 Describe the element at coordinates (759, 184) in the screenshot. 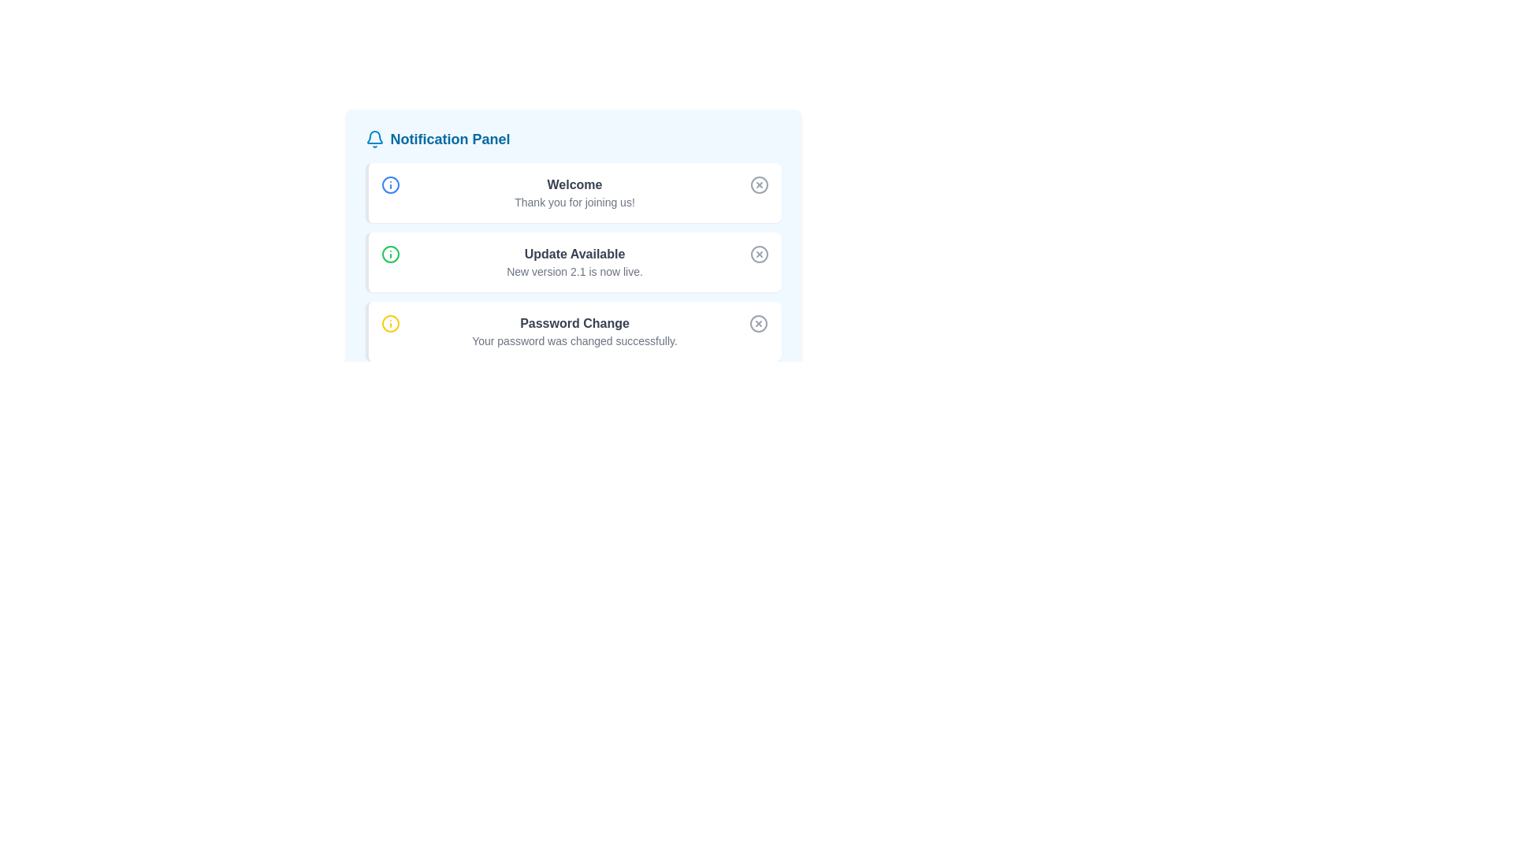

I see `the action button located at the top-right corner of the card containing the text 'Welcome' and 'Thank you for joining us!'` at that location.